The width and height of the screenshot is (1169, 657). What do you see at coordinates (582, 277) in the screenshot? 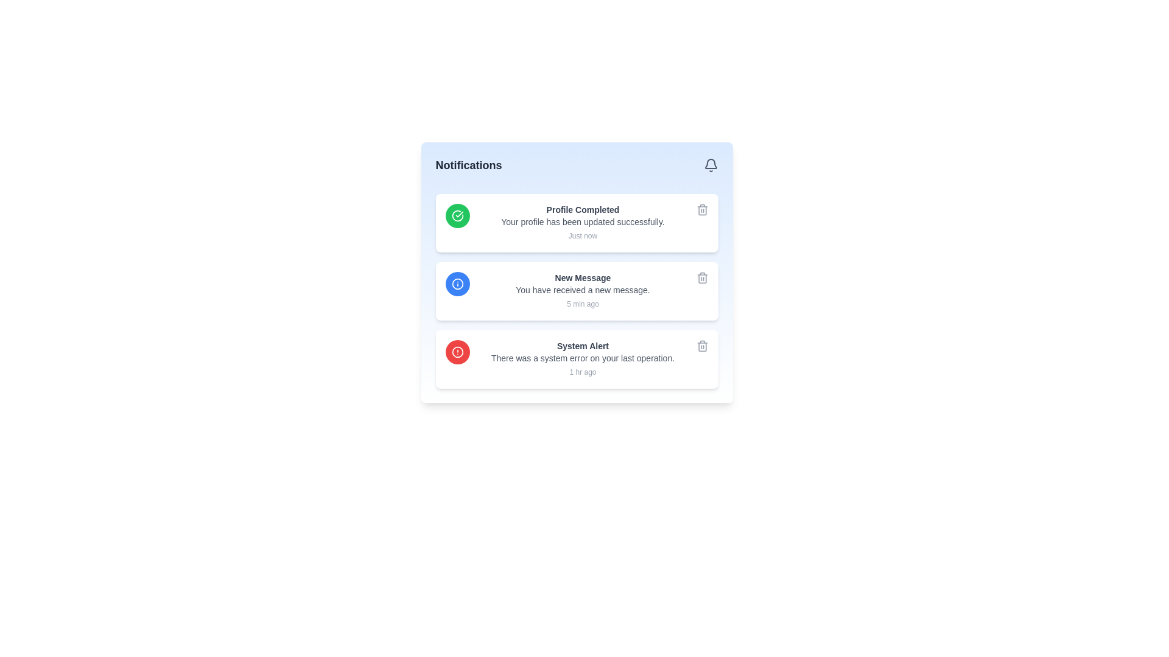
I see `on the 'New Message' text label located at the top of the notification module` at bounding box center [582, 277].